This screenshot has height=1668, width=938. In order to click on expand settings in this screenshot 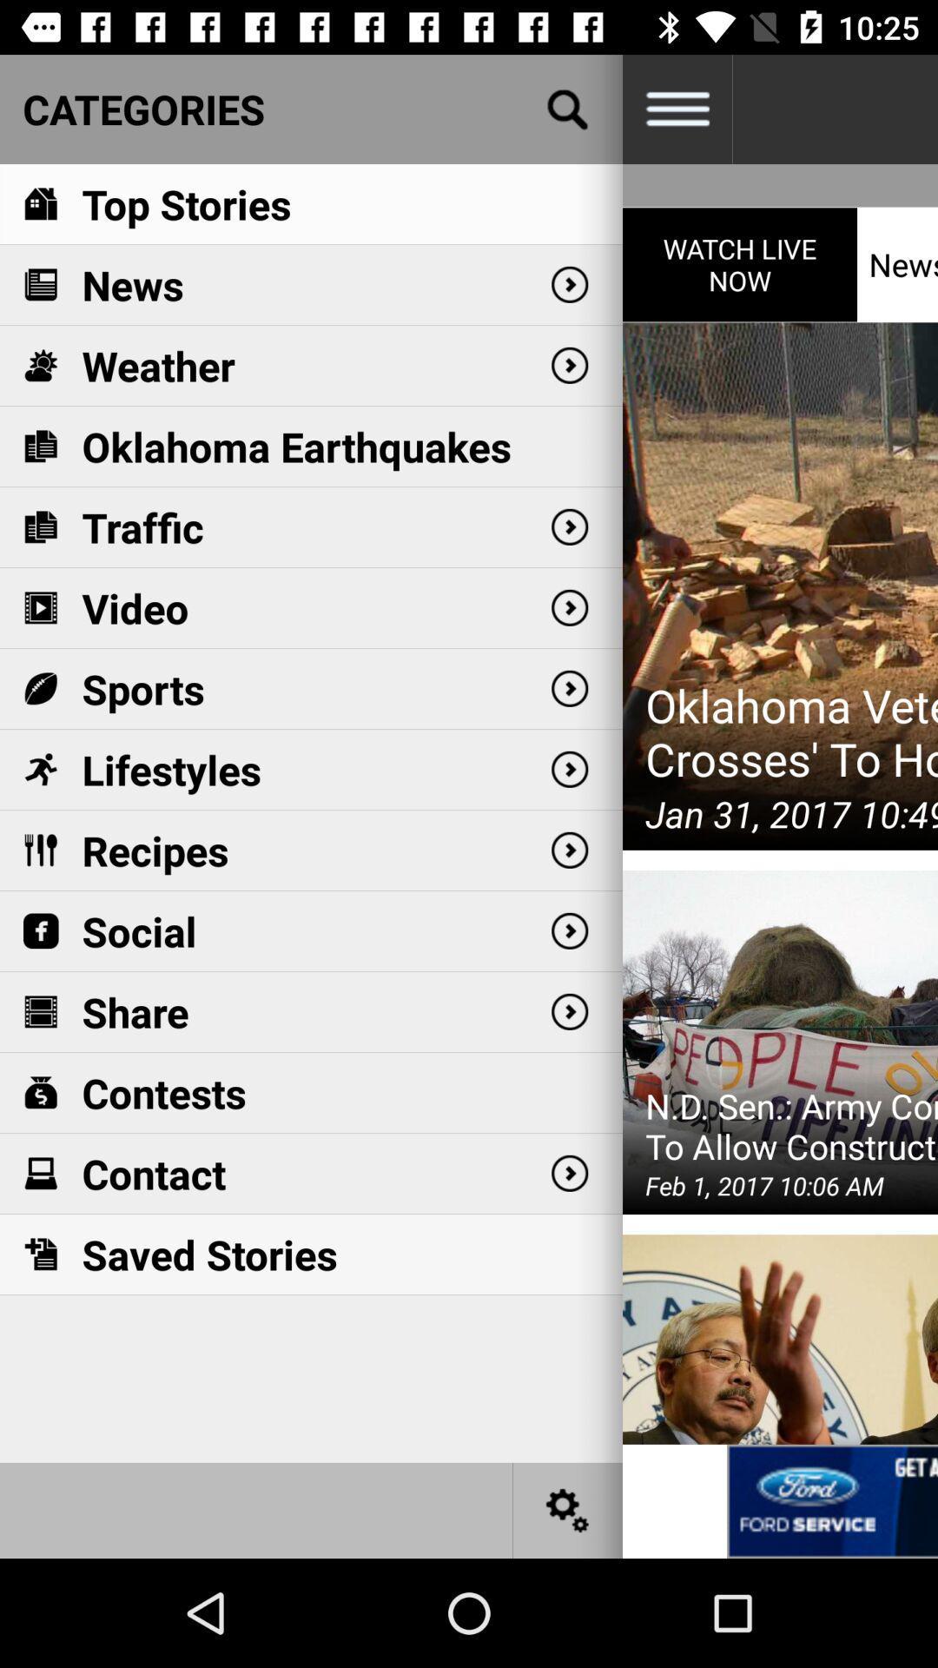, I will do `click(676, 108)`.